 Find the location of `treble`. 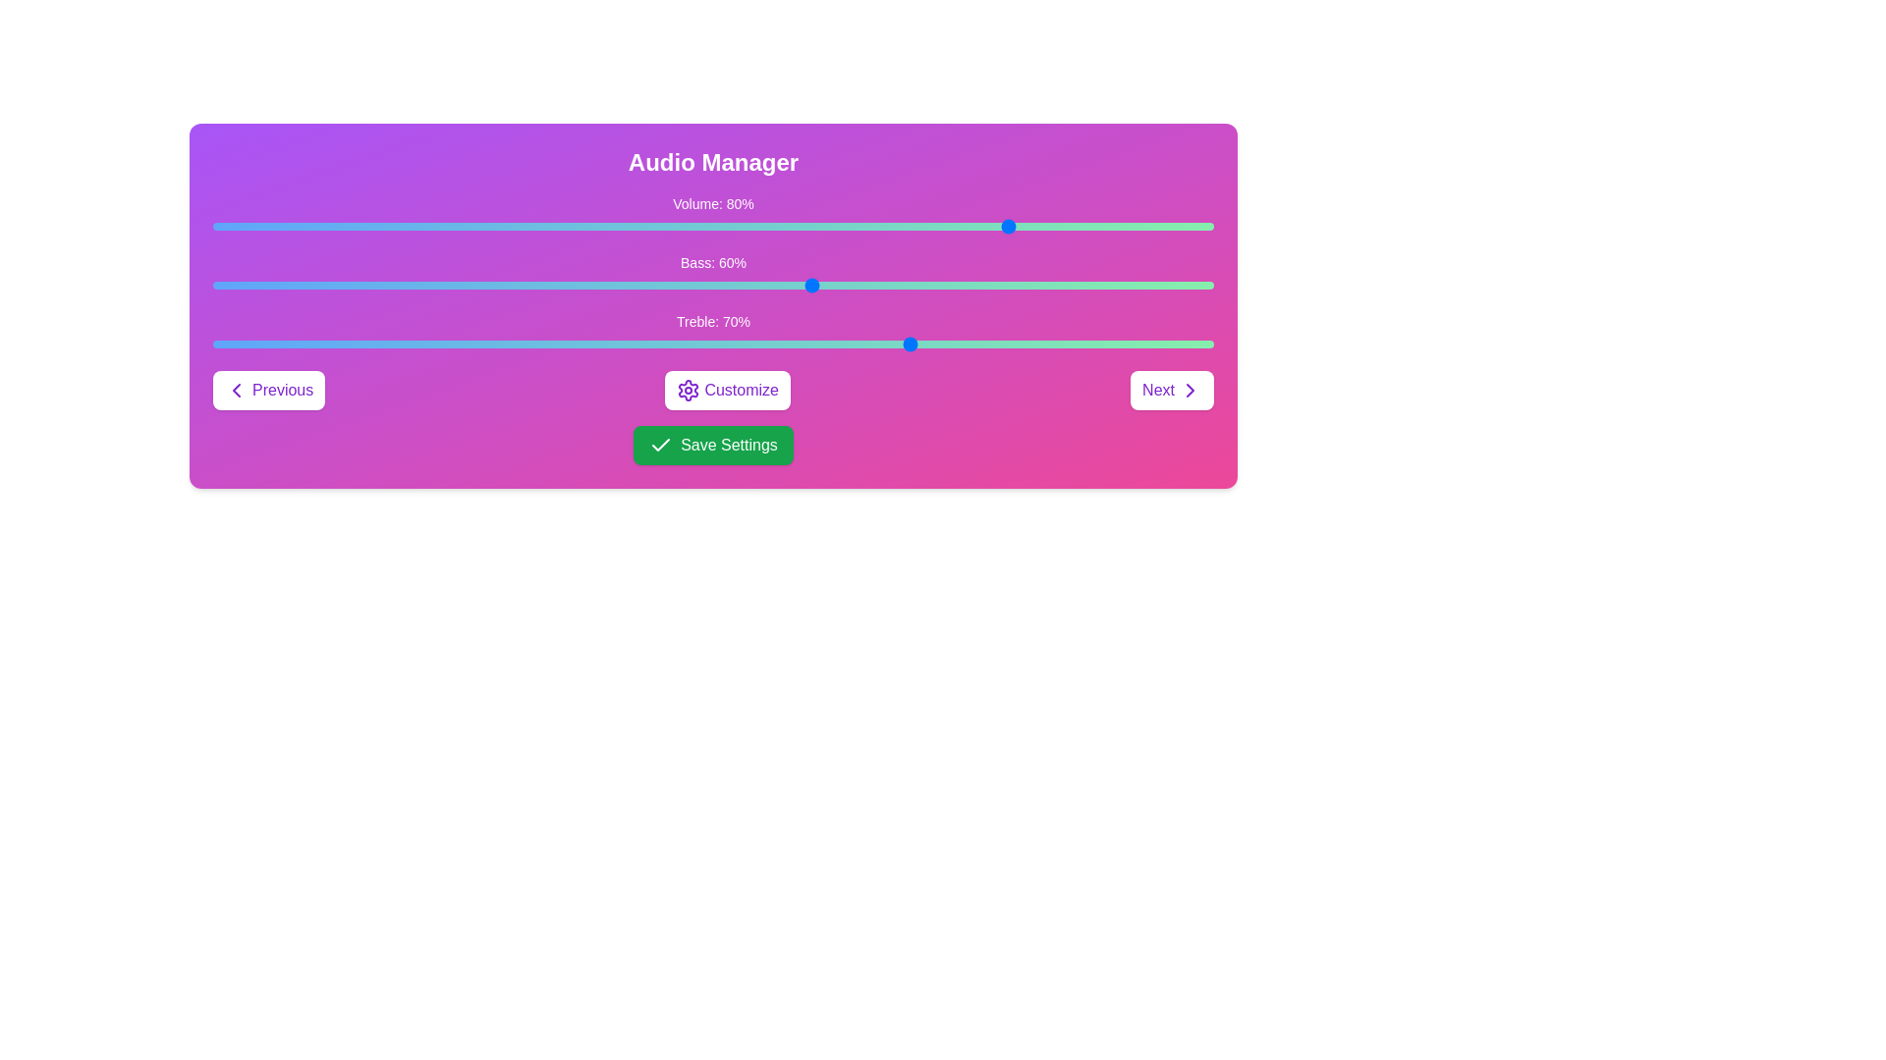

treble is located at coordinates (432, 344).